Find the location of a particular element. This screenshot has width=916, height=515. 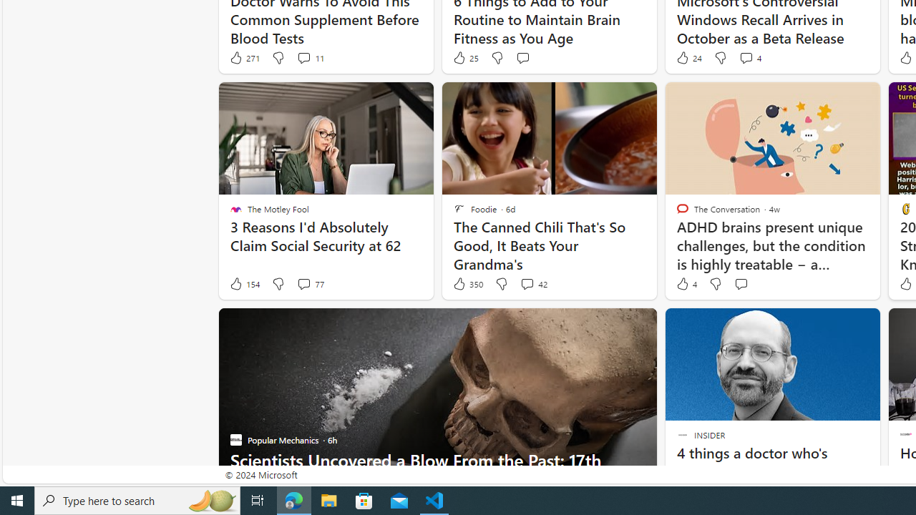

'271 Like' is located at coordinates (244, 57).